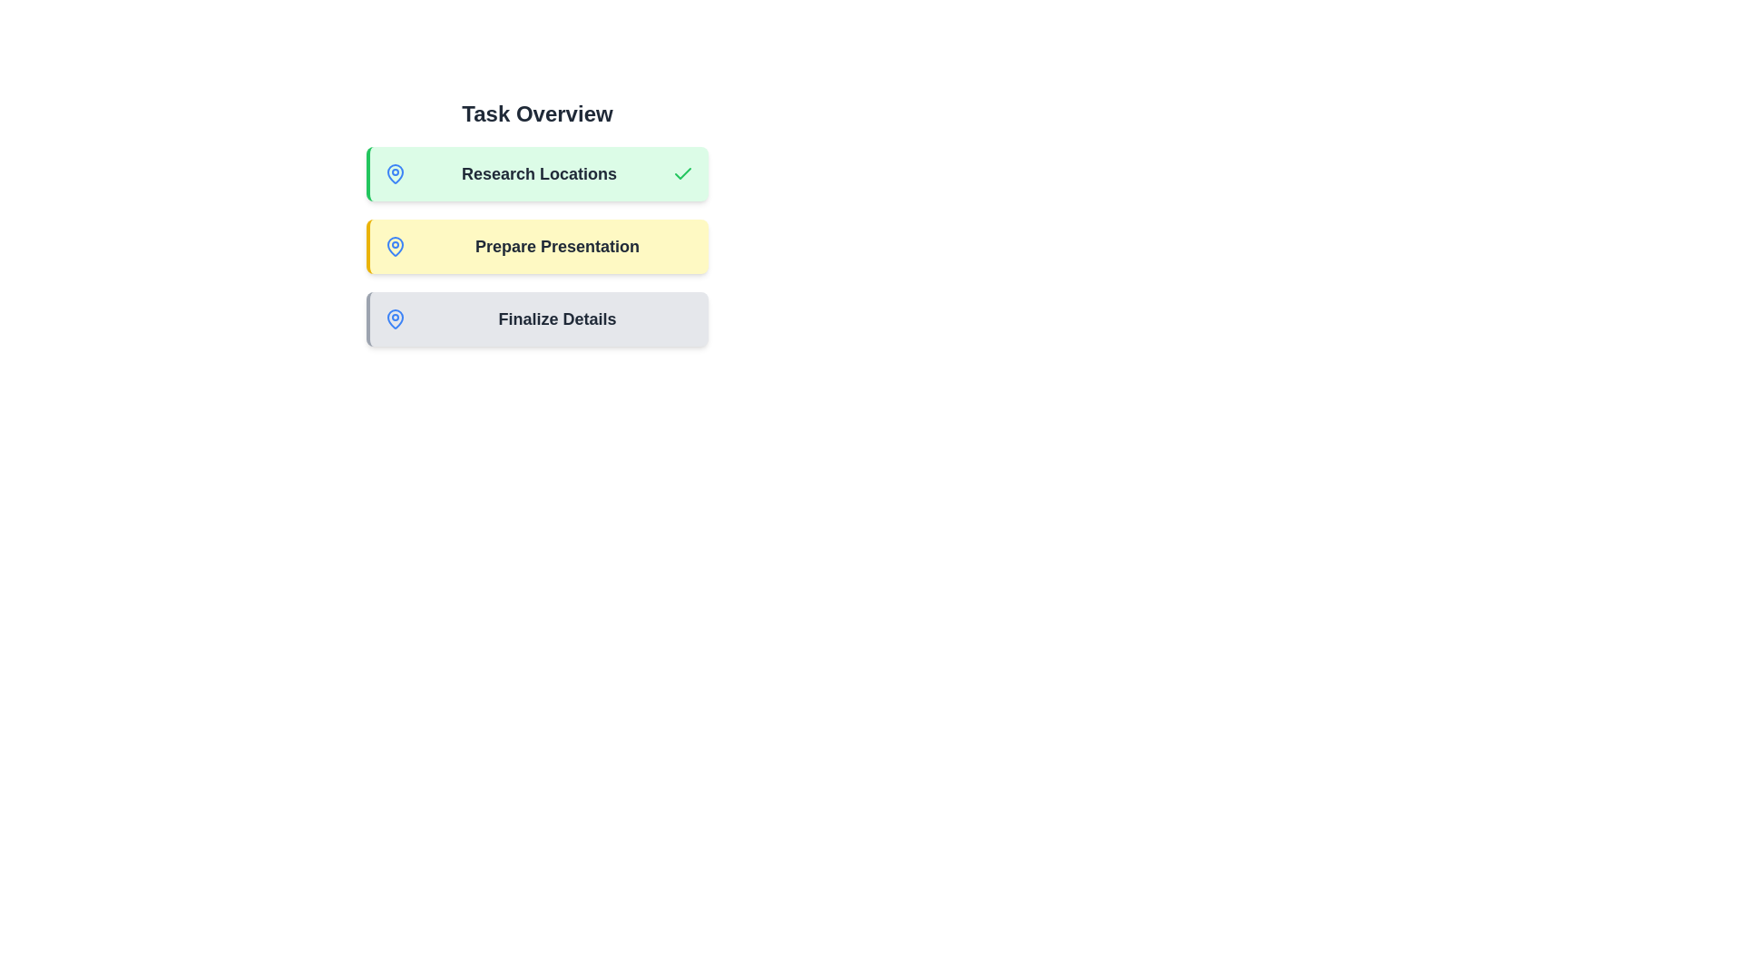  I want to click on the task chip corresponding to Finalize Details, so click(536, 318).